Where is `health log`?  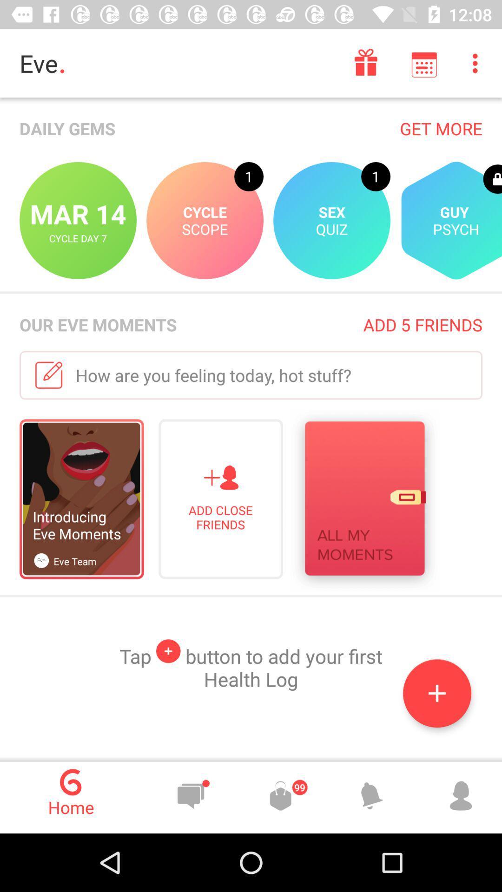
health log is located at coordinates (437, 693).